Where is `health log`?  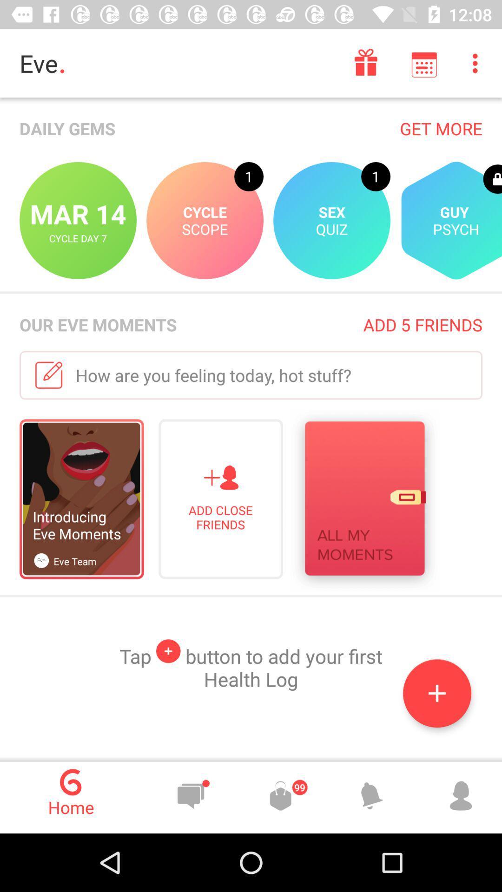
health log is located at coordinates (437, 693).